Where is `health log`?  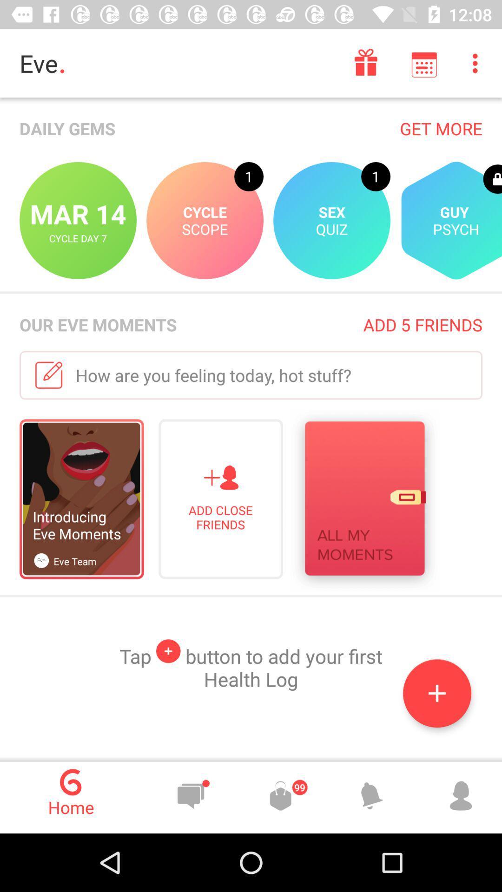
health log is located at coordinates (437, 693).